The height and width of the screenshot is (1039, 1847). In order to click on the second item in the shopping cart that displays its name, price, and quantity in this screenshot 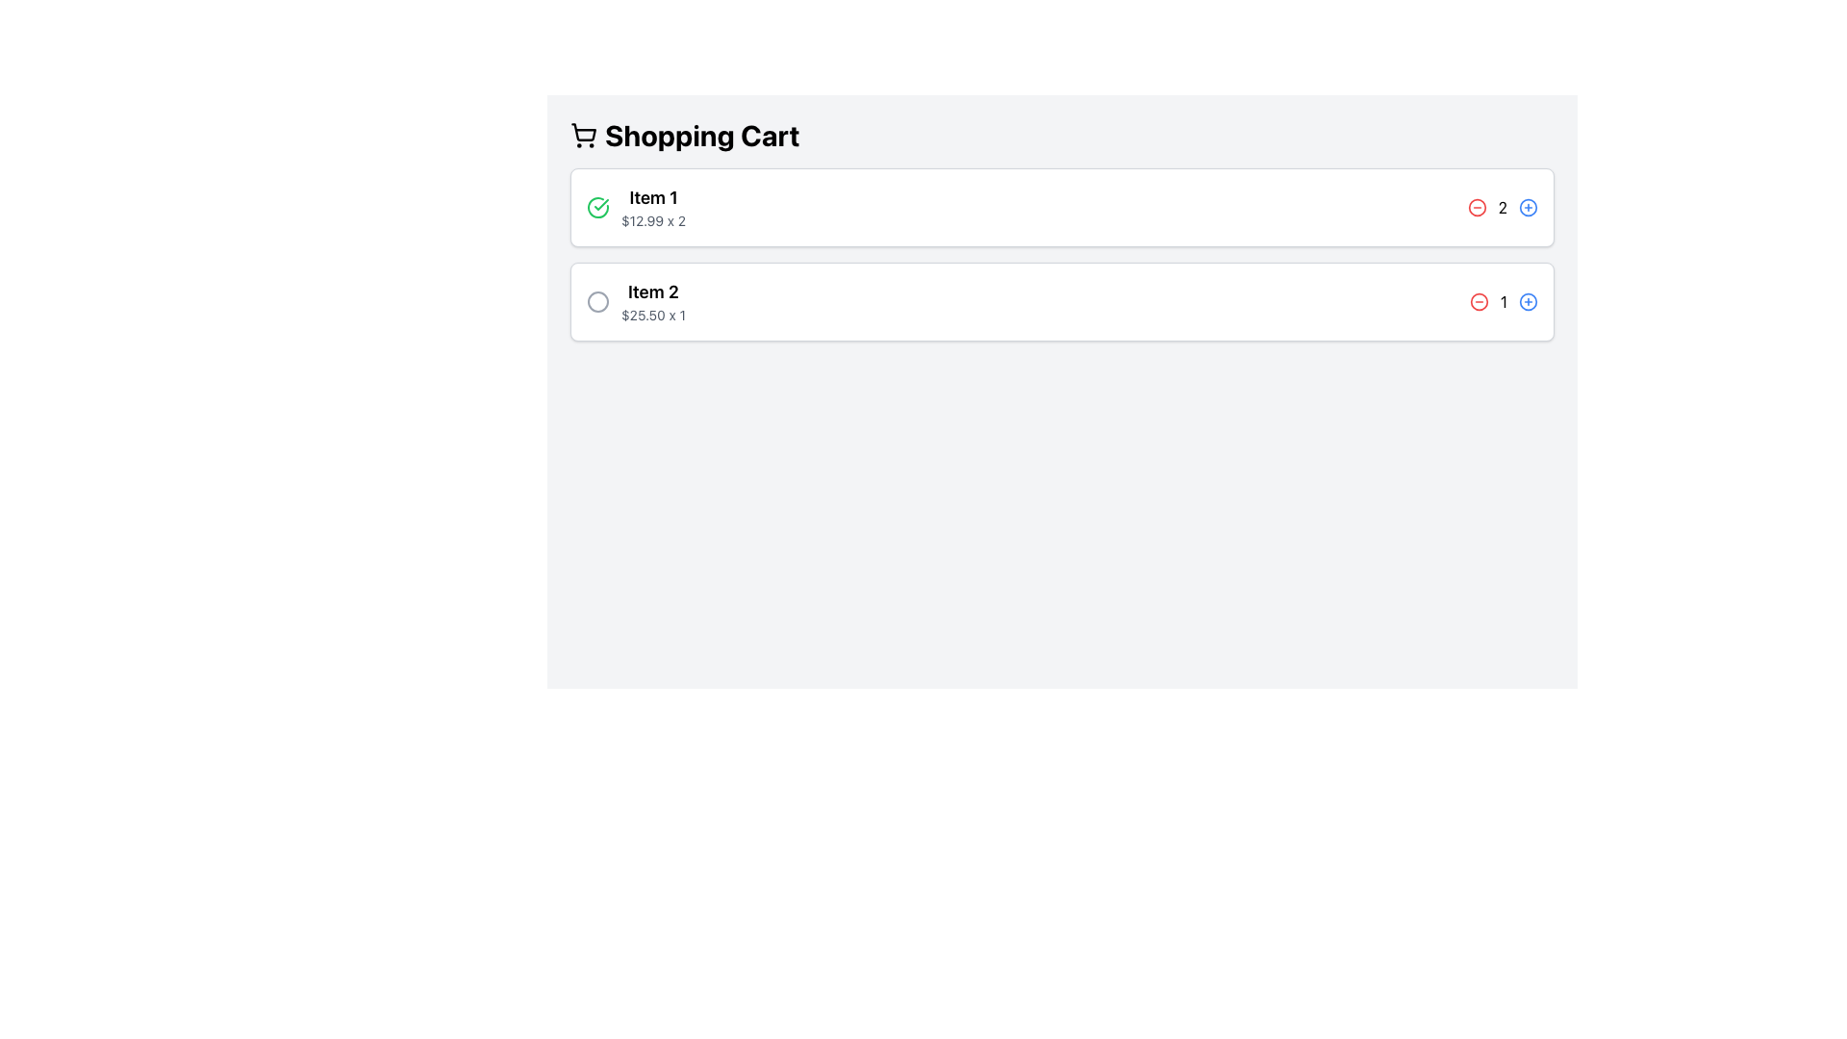, I will do `click(636, 301)`.